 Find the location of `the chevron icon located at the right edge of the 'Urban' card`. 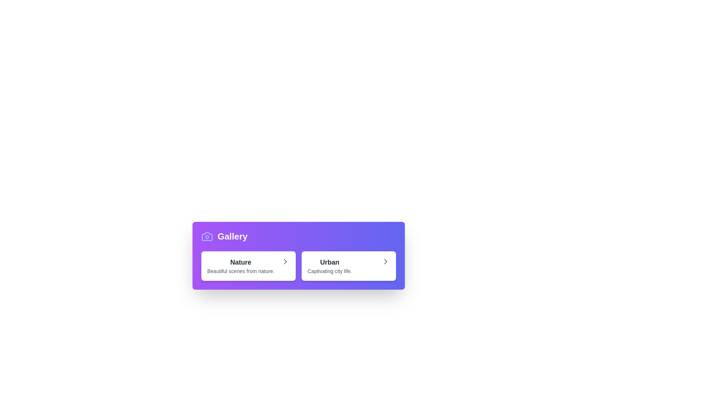

the chevron icon located at the right edge of the 'Urban' card is located at coordinates (385, 261).